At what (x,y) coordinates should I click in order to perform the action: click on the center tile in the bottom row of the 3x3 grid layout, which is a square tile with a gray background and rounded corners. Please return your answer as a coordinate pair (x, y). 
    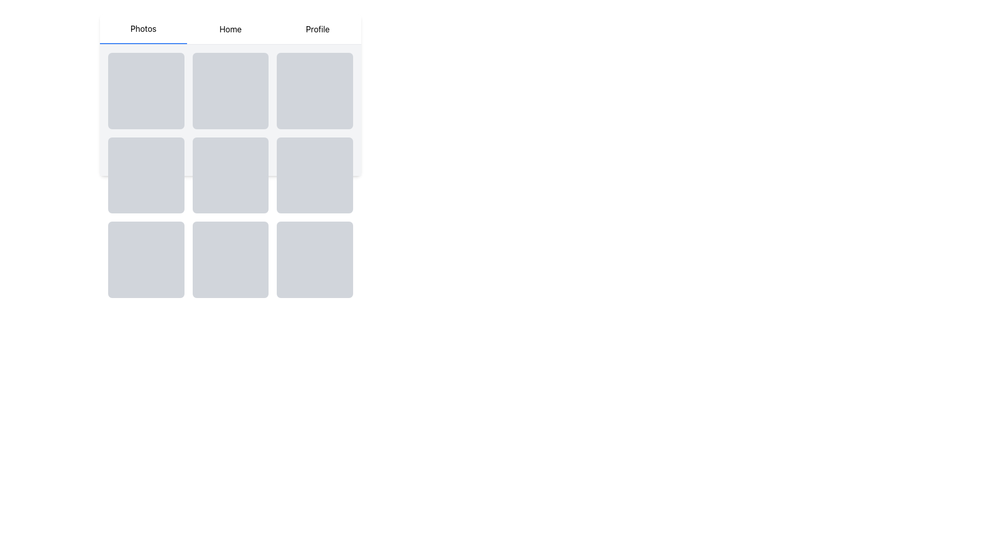
    Looking at the image, I should click on (230, 259).